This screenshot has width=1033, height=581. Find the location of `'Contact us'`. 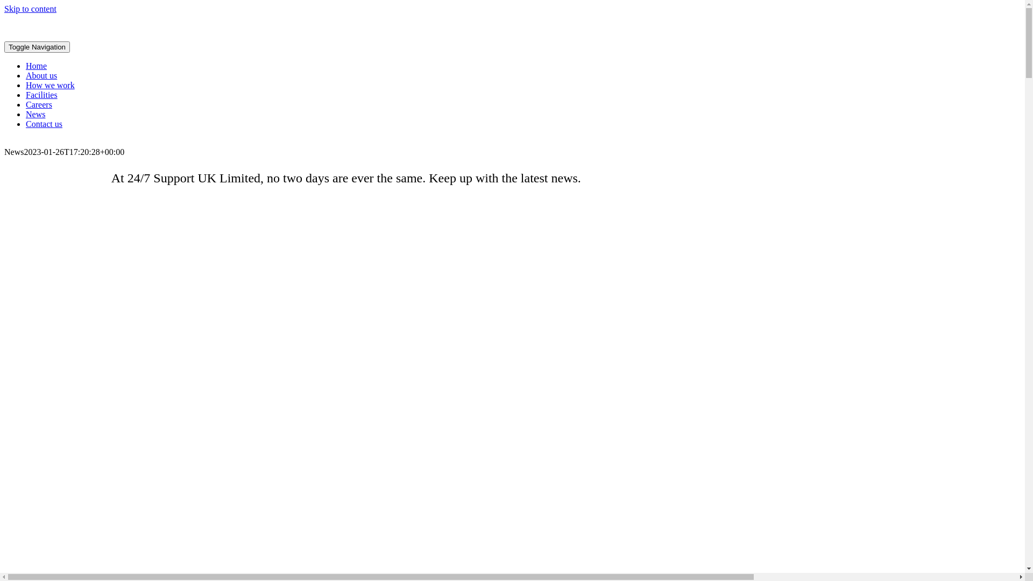

'Contact us' is located at coordinates (43, 123).